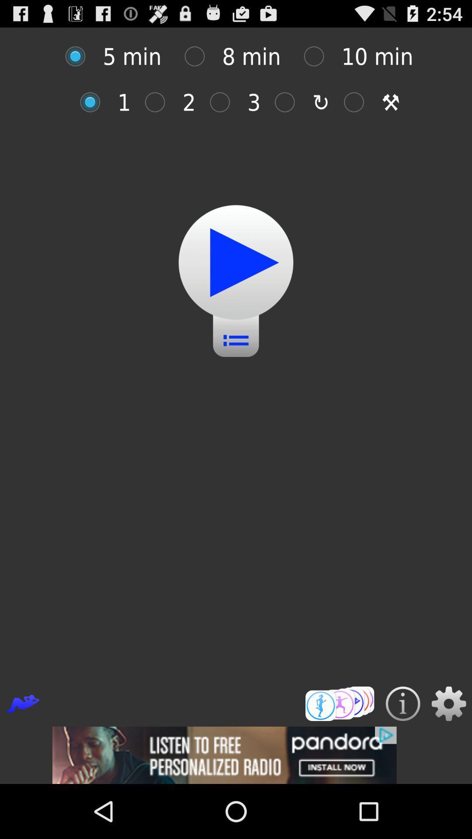 This screenshot has width=472, height=839. Describe the element at coordinates (160, 102) in the screenshot. I see `2` at that location.